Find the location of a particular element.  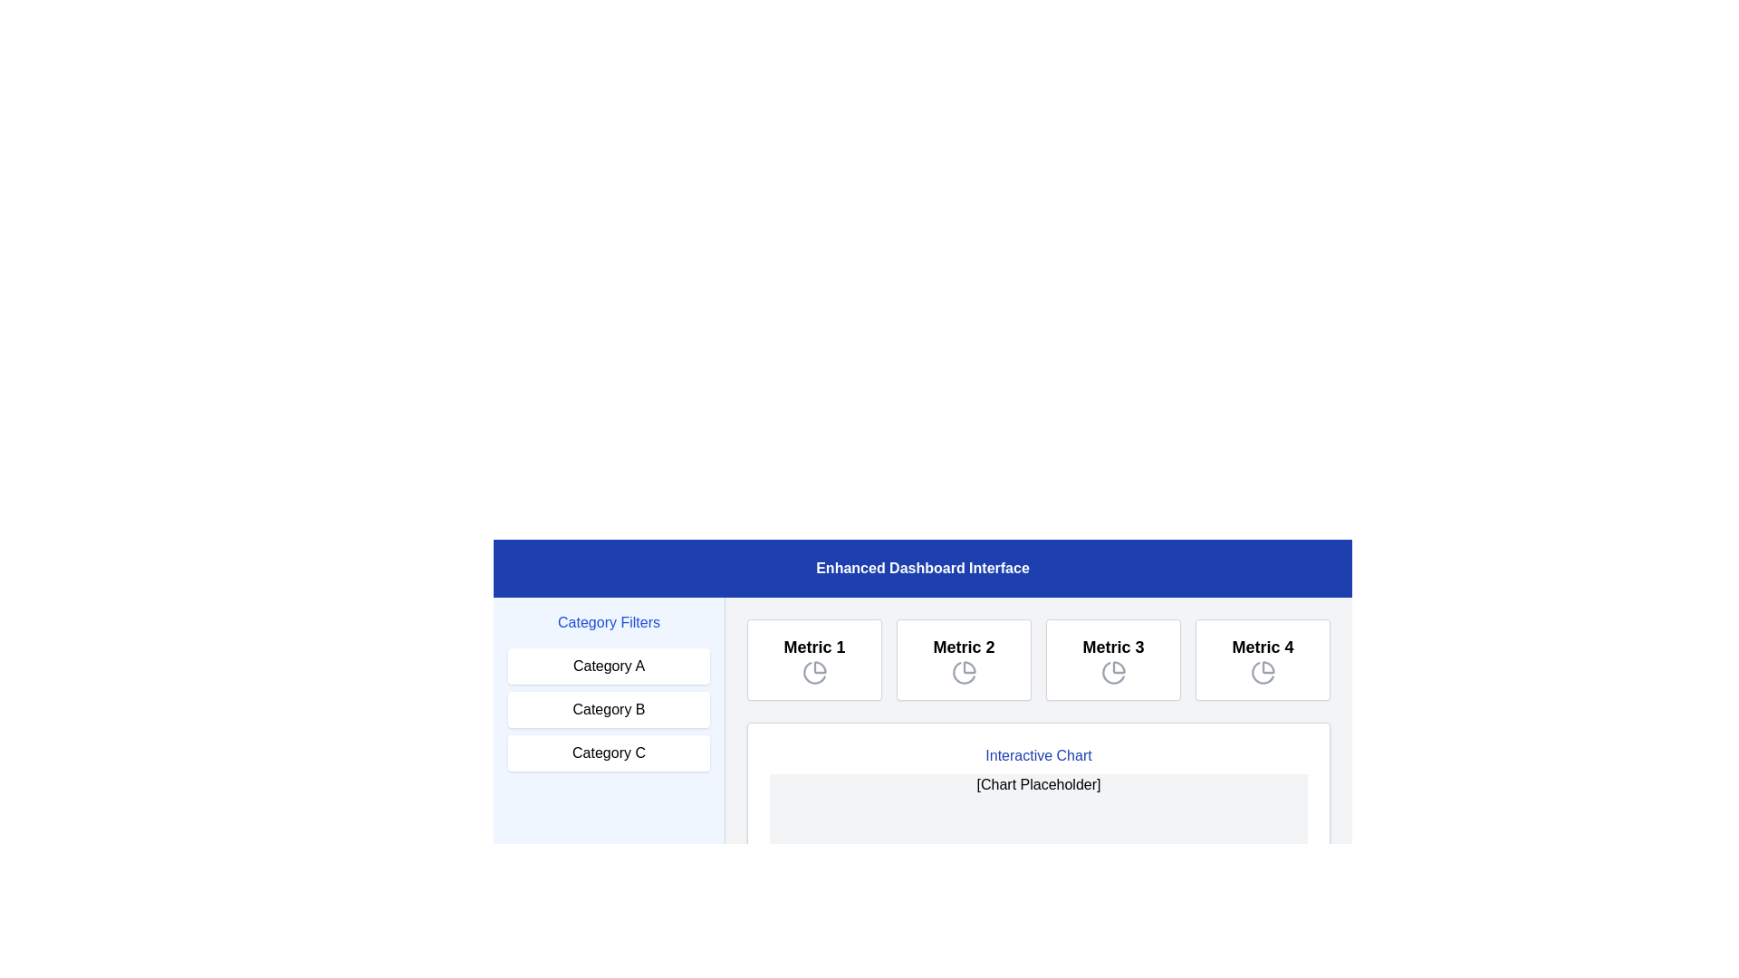

the Icon representing 'Metric 3', which is located below the title 'Metric 3' in the dashboard interface is located at coordinates (1112, 673).